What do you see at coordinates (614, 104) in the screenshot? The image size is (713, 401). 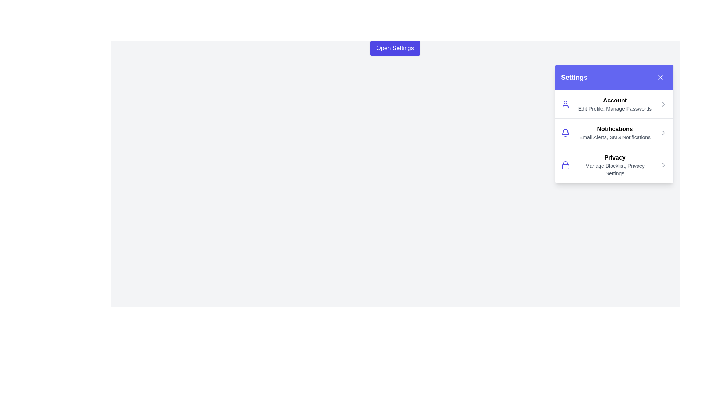 I see `the first item in the vertical navigation list within the settings panel` at bounding box center [614, 104].